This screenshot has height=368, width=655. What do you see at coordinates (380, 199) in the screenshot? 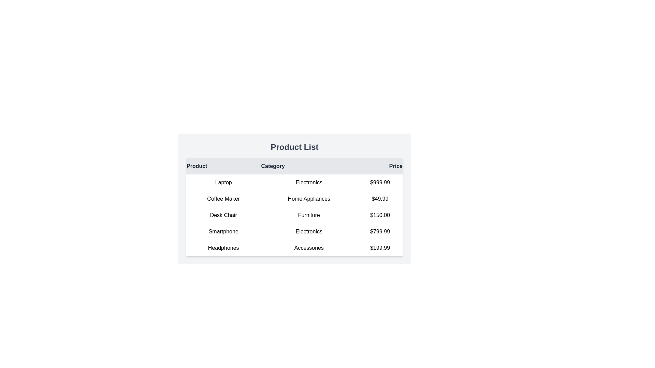
I see `the price label displaying '$49.99' for the 'Coffee Maker' product, located in the second row of the 'Price' column in the product listing table` at bounding box center [380, 199].